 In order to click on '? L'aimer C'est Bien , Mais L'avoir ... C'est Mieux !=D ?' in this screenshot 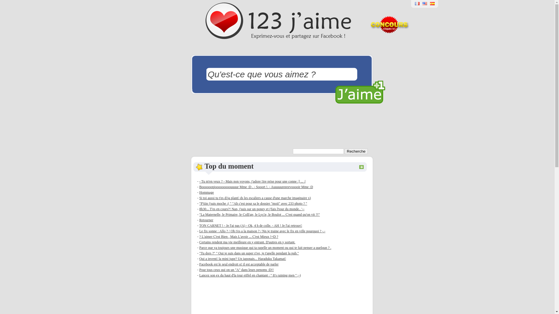, I will do `click(238, 236)`.